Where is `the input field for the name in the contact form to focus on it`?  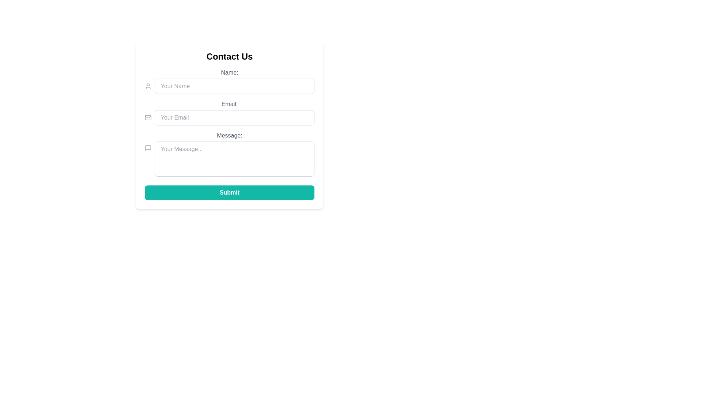 the input field for the name in the contact form to focus on it is located at coordinates (229, 81).